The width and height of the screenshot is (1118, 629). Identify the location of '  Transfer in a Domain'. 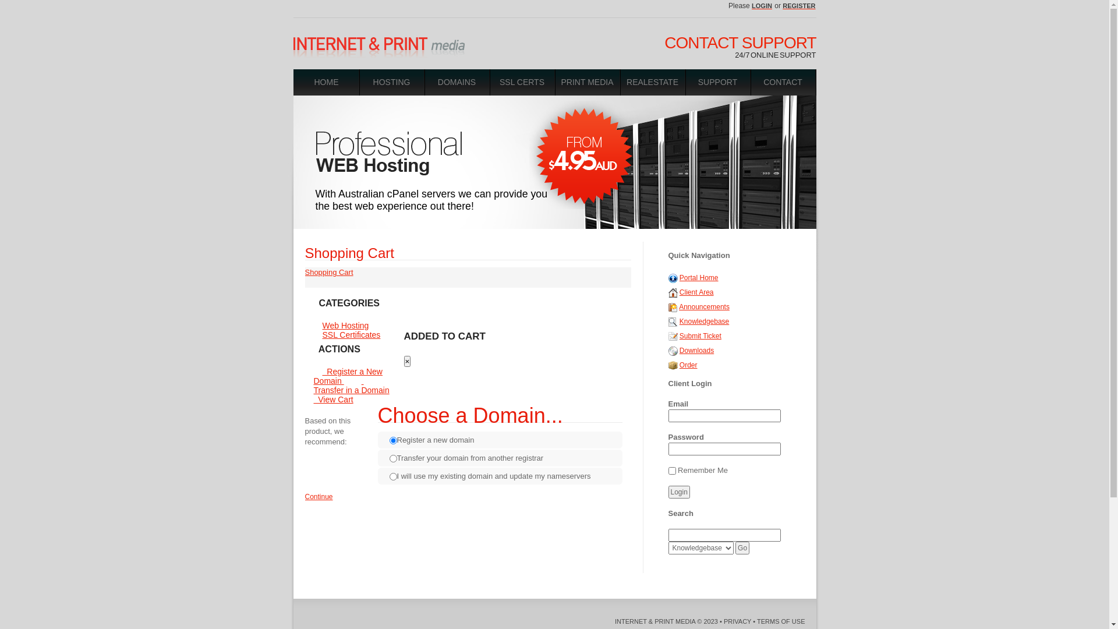
(355, 386).